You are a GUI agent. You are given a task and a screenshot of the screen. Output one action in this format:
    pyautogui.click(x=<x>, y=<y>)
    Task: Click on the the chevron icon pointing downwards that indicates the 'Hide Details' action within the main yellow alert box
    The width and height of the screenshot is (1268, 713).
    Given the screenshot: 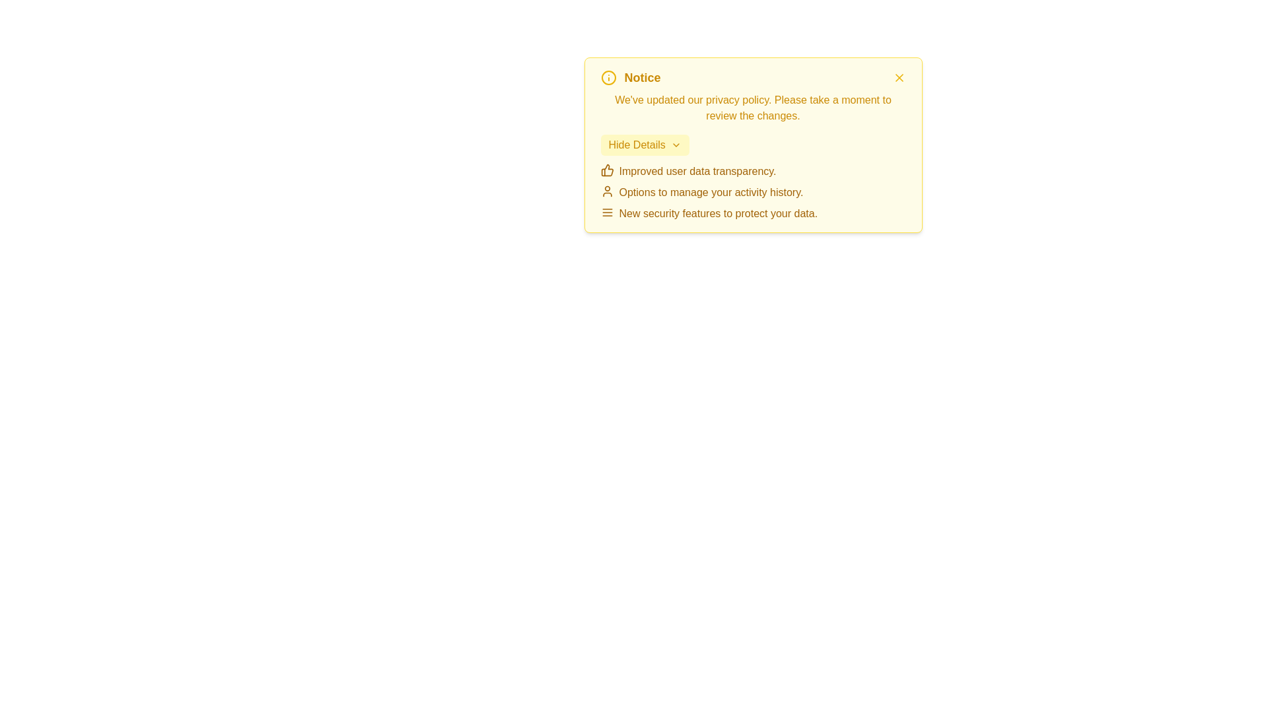 What is the action you would take?
    pyautogui.click(x=676, y=145)
    